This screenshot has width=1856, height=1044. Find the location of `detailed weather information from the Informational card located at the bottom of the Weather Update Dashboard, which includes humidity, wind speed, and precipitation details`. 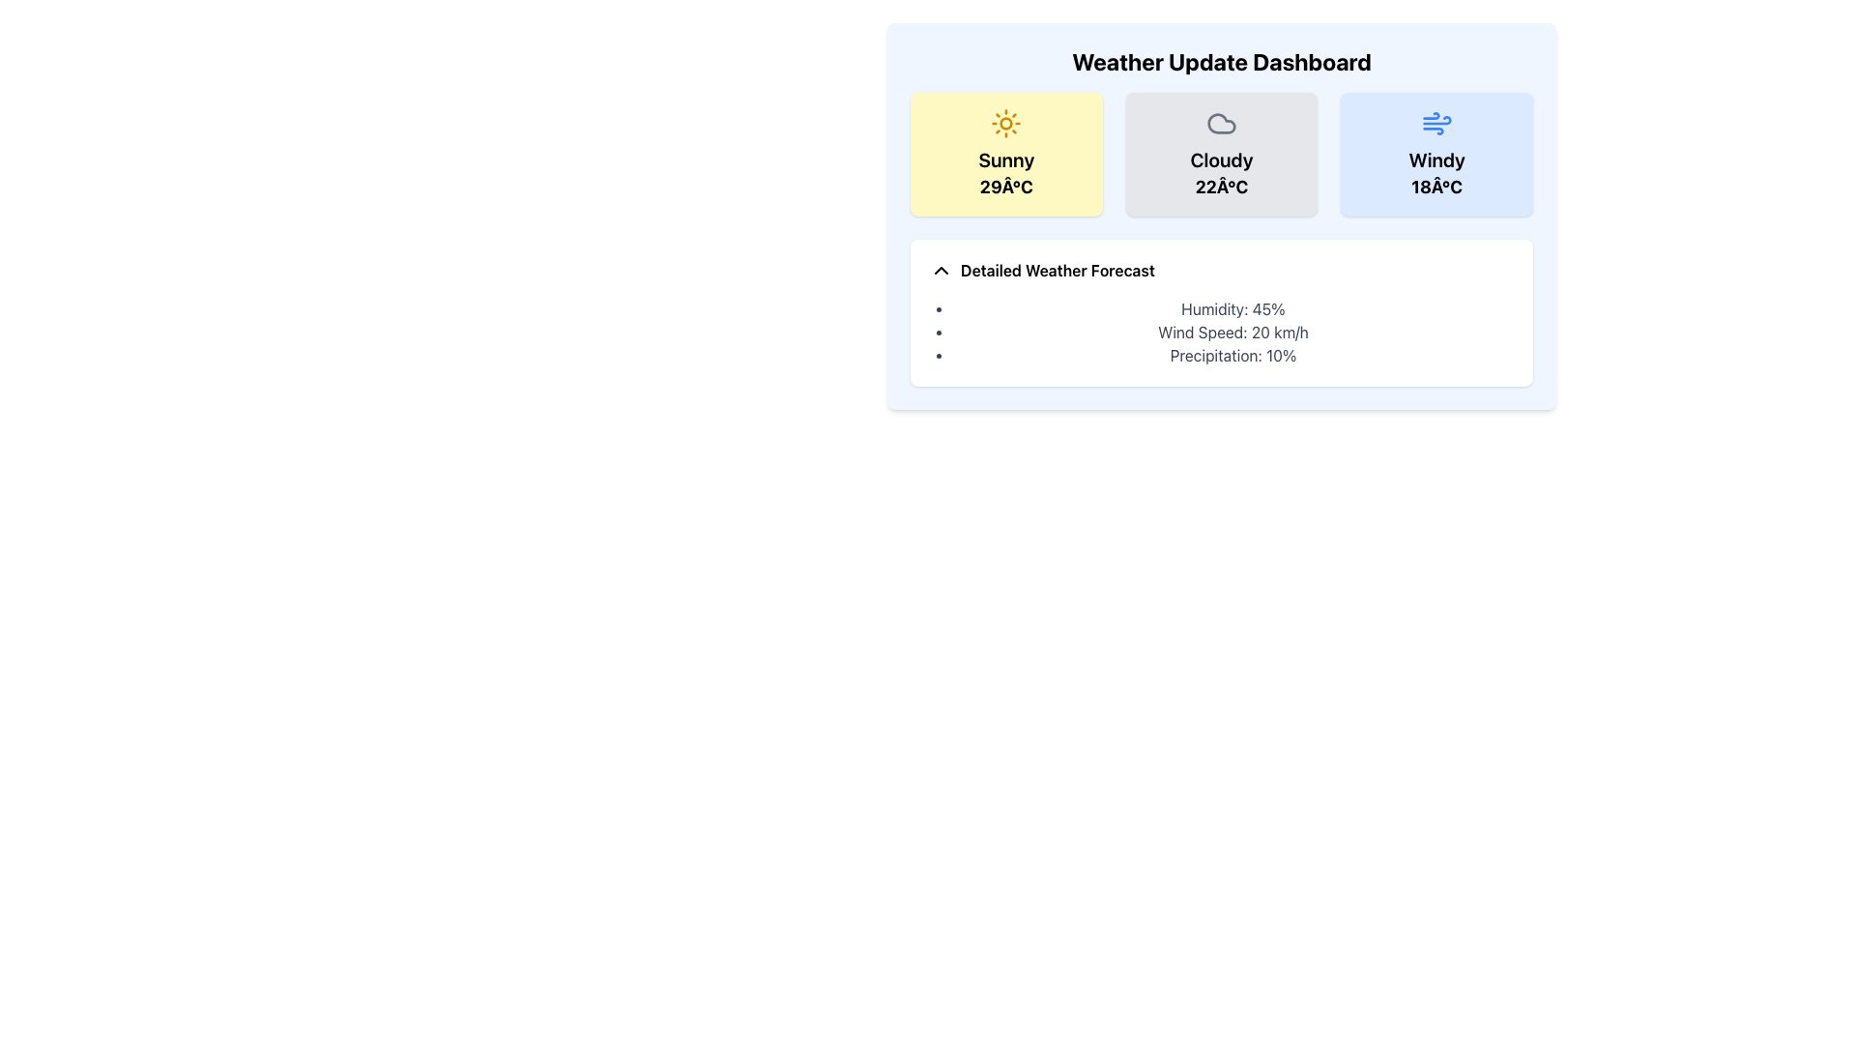

detailed weather information from the Informational card located at the bottom of the Weather Update Dashboard, which includes humidity, wind speed, and precipitation details is located at coordinates (1220, 312).